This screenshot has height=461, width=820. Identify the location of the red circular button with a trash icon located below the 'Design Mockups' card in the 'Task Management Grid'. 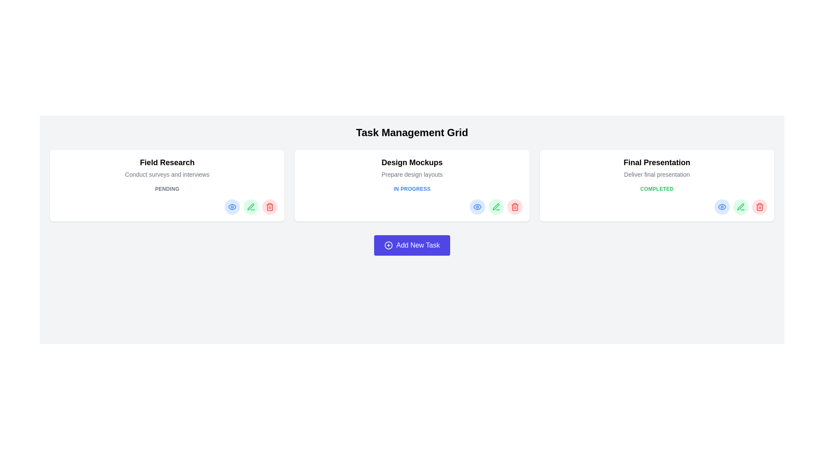
(514, 207).